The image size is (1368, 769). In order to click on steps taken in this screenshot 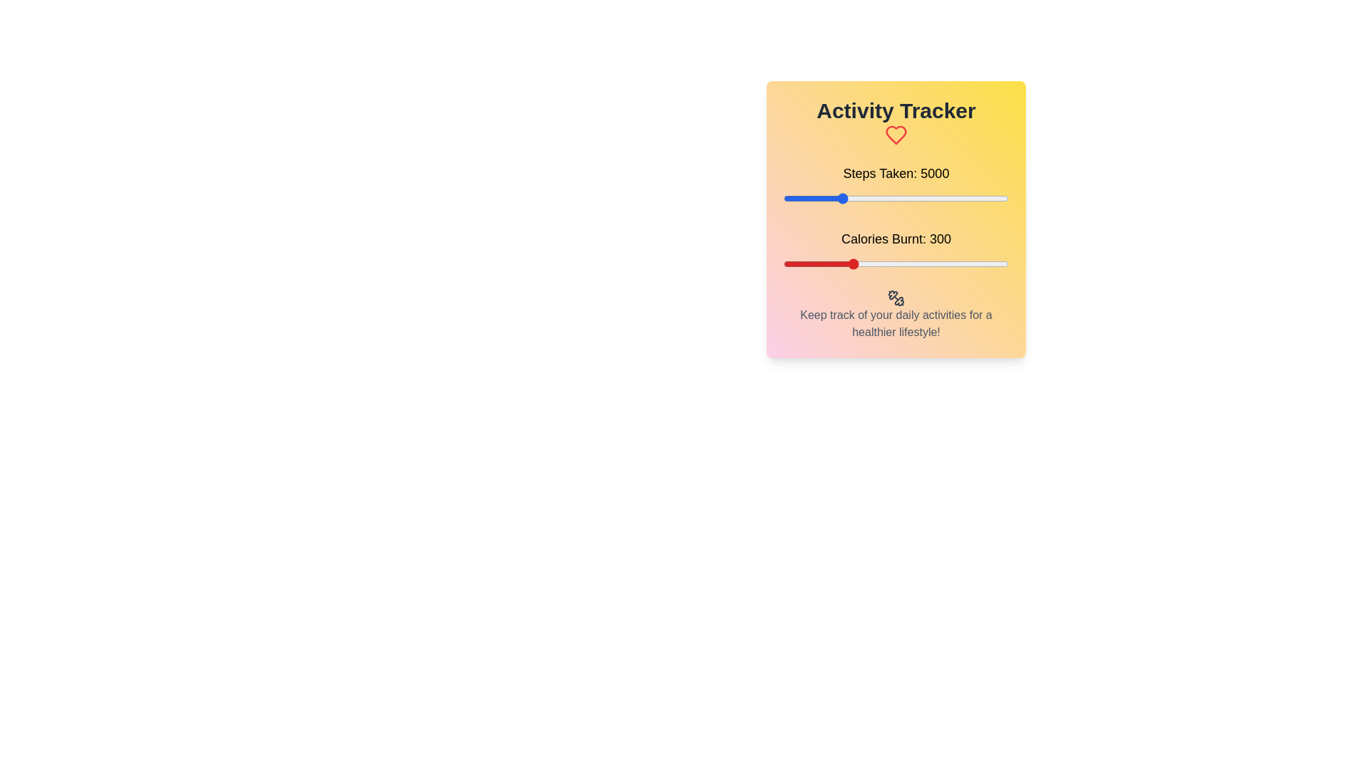, I will do `click(989, 198)`.